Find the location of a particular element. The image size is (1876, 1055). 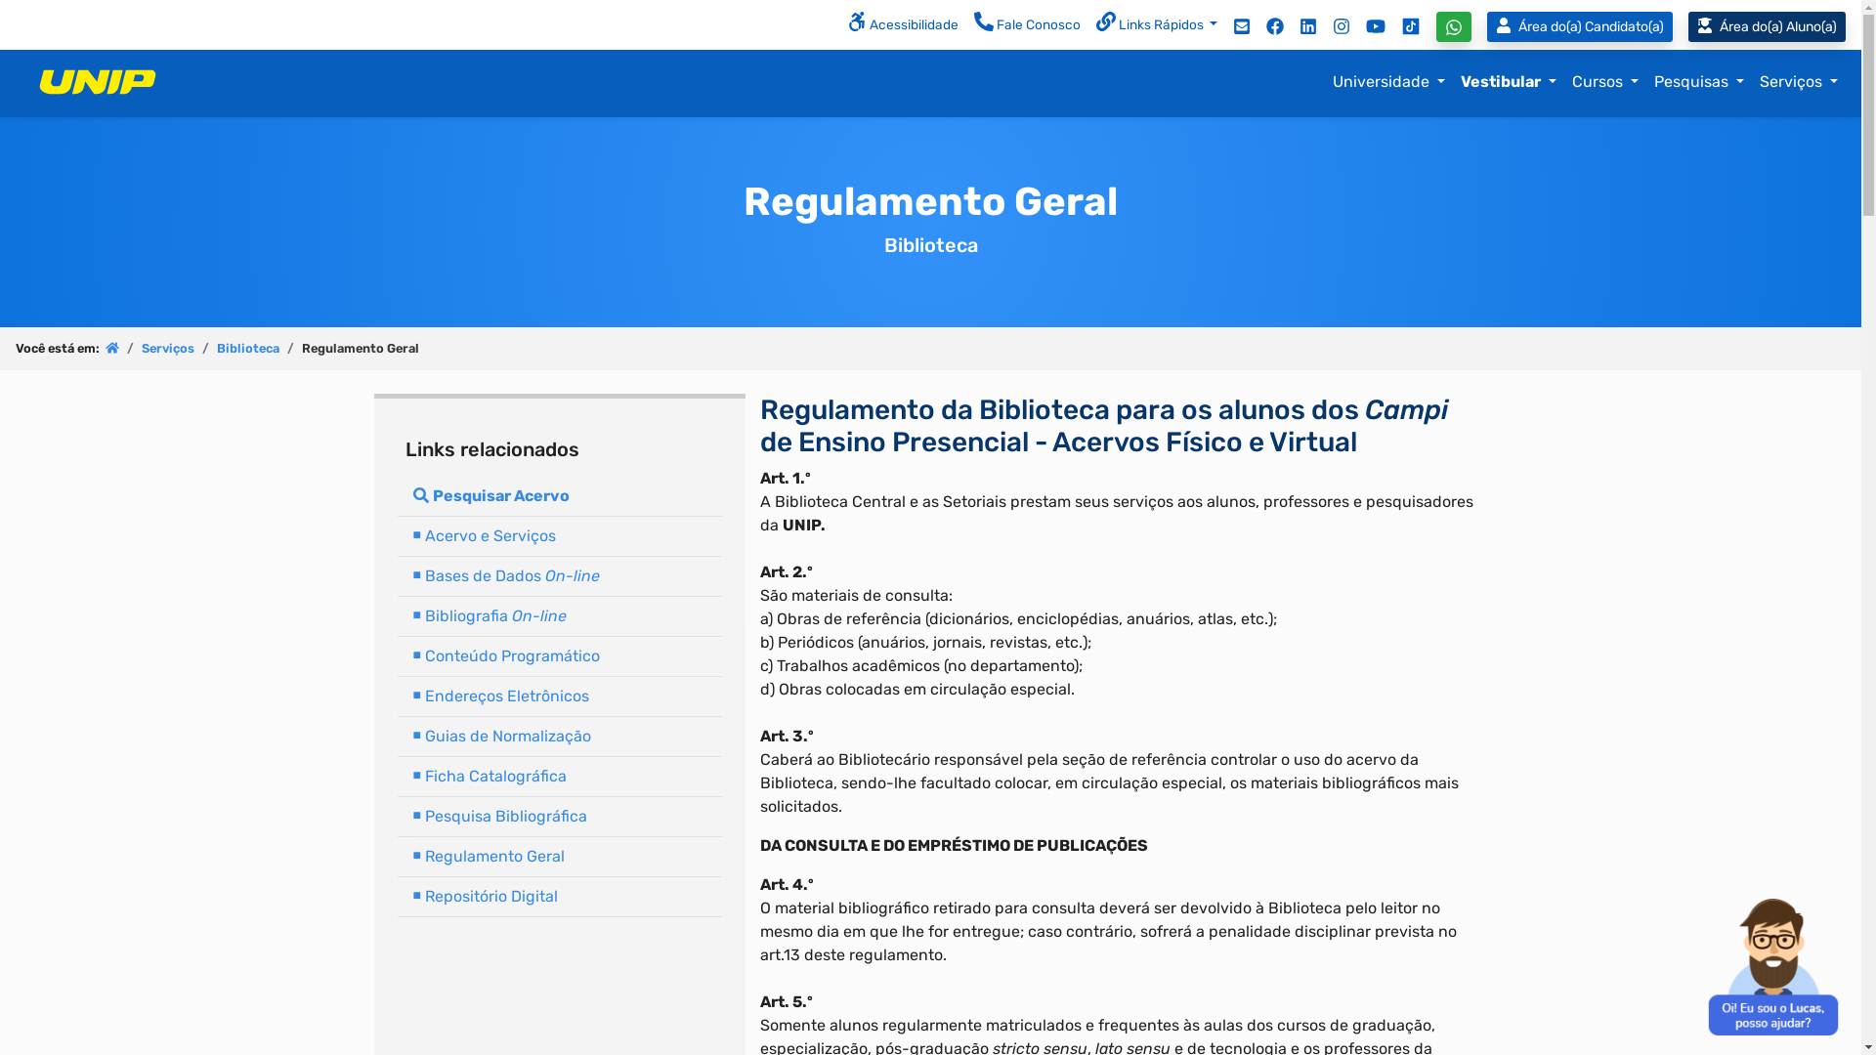

'Inscreva-se no canal da UNIP no YouTube' is located at coordinates (1374, 25).